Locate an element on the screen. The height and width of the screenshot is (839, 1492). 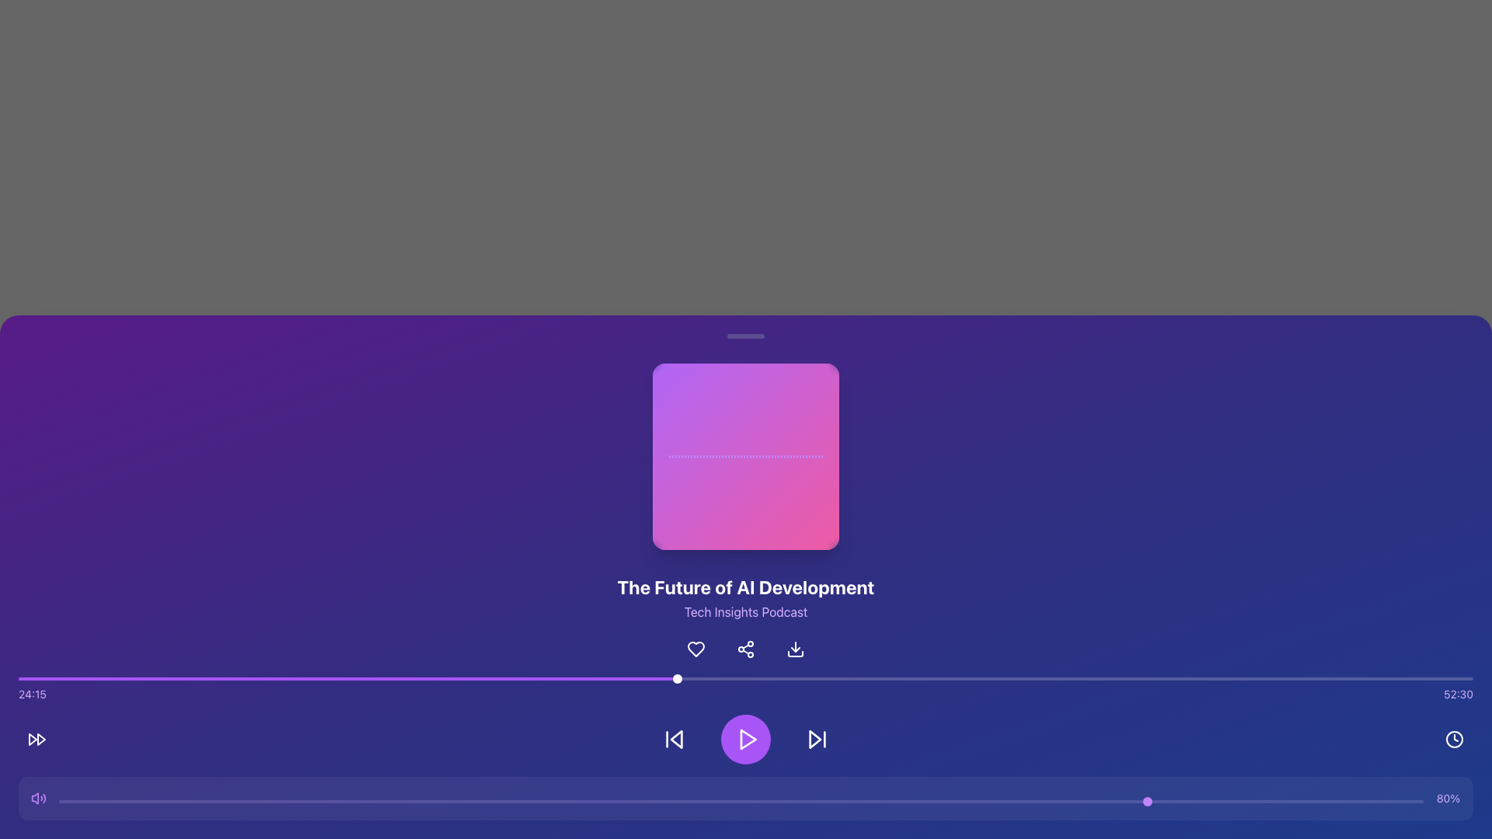
progress is located at coordinates (716, 678).